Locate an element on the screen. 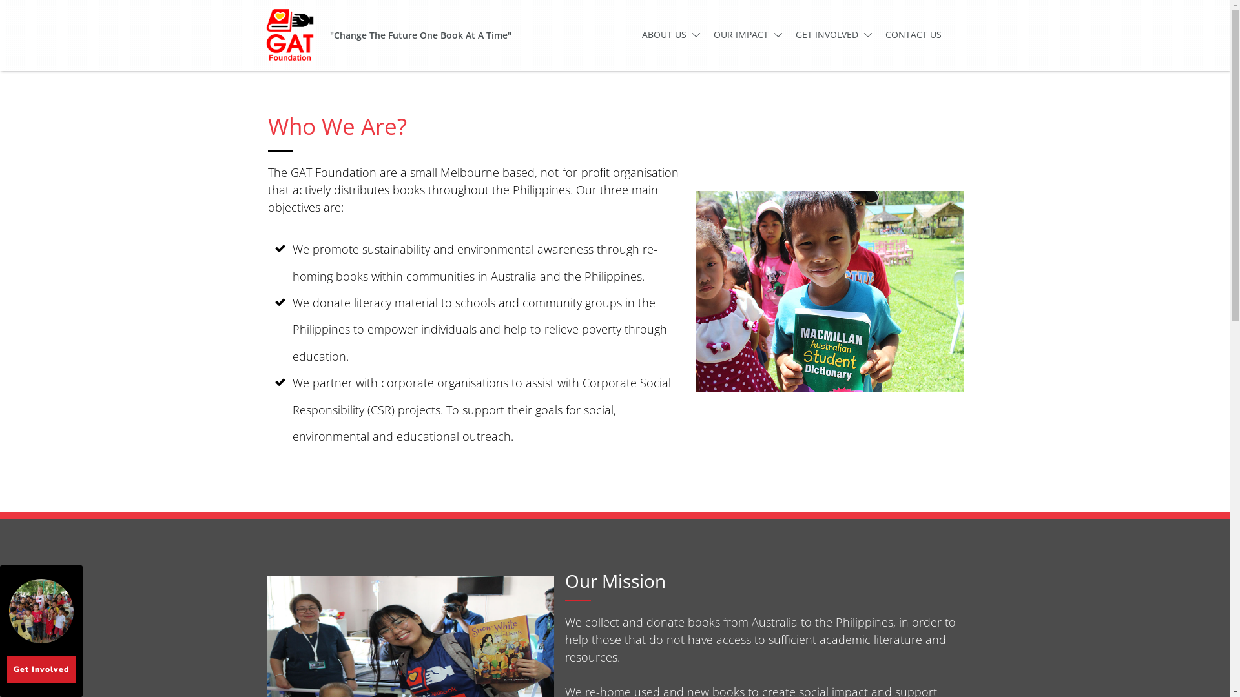 This screenshot has height=697, width=1240. 'GAT LOGO2' is located at coordinates (259, 34).